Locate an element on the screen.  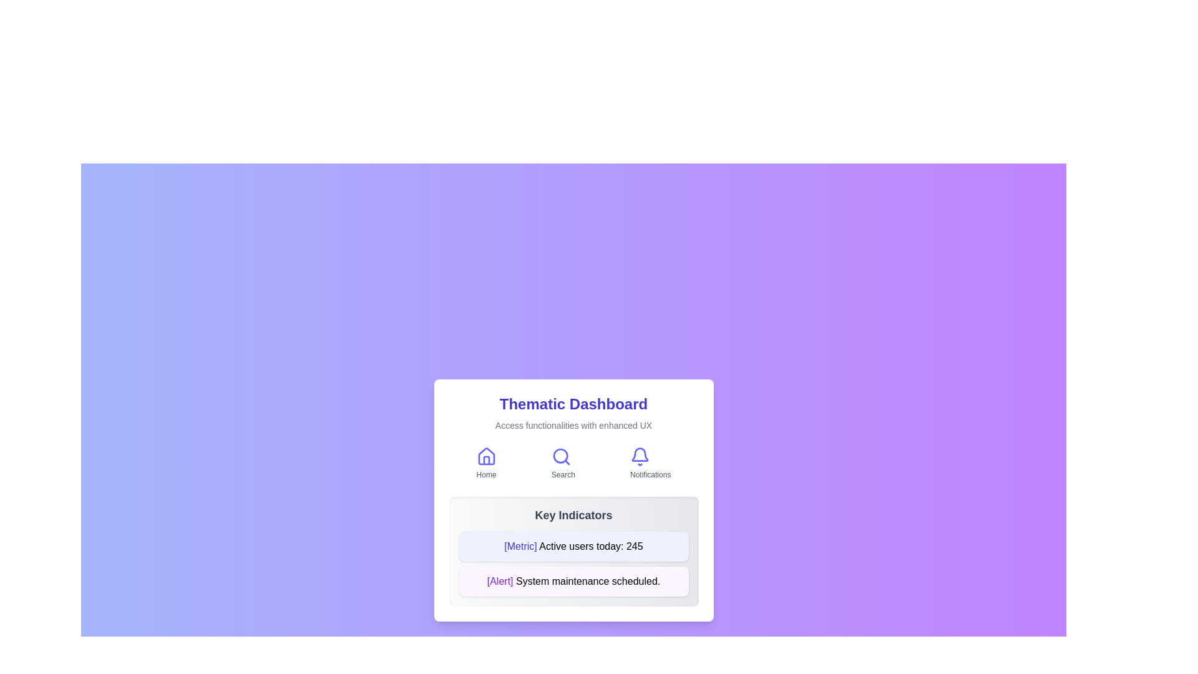
the 'Home' navigation button, which features an icon and text, to apply the visual transition effect is located at coordinates (485, 464).